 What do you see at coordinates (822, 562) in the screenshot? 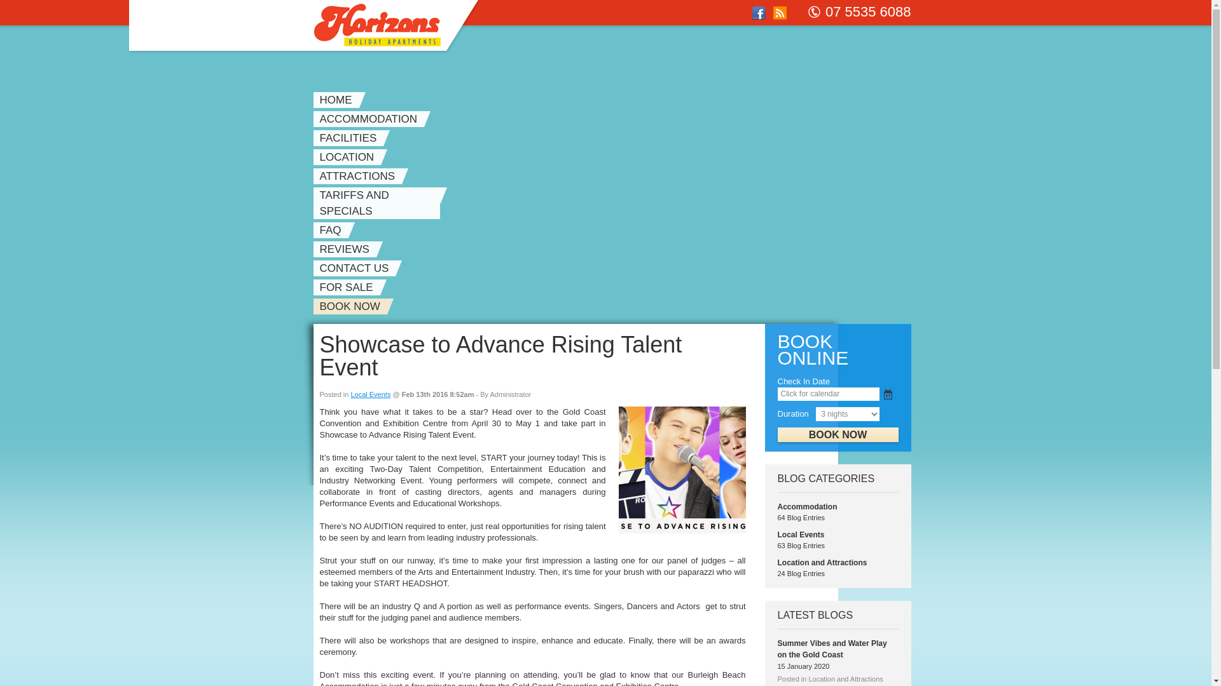
I see `'Location and Attractions'` at bounding box center [822, 562].